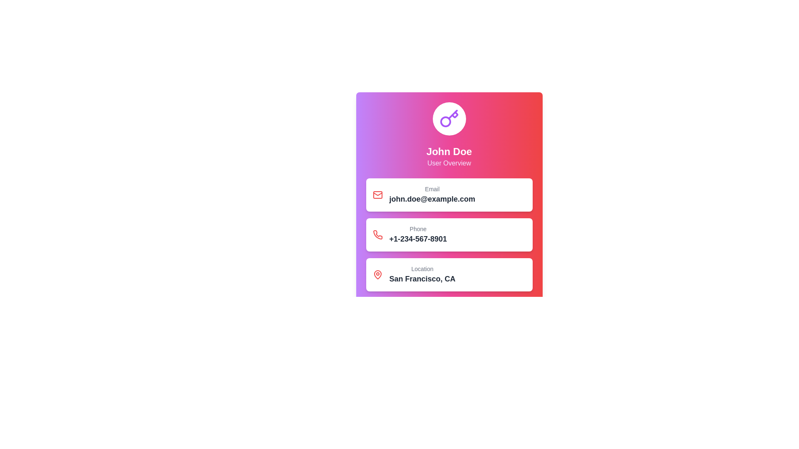  Describe the element at coordinates (377, 274) in the screenshot. I see `the red outlined map pin icon located within the white rounded rectangle card in the 'Location' section, adjacent to the text 'Location San Francisco, CA'` at that location.